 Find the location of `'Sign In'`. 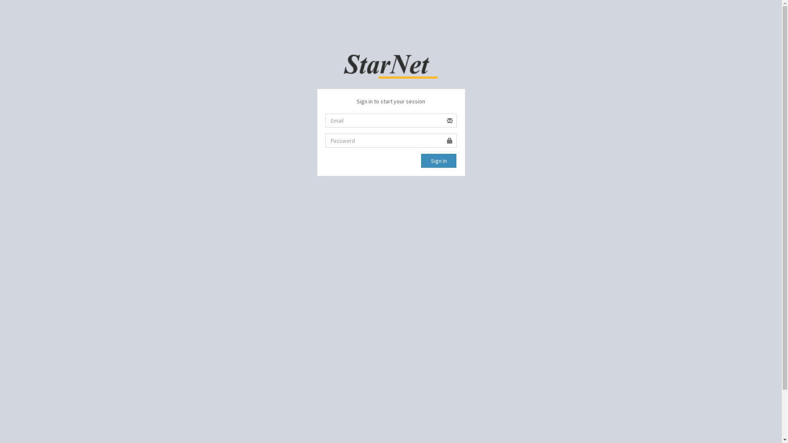

'Sign In' is located at coordinates (438, 161).